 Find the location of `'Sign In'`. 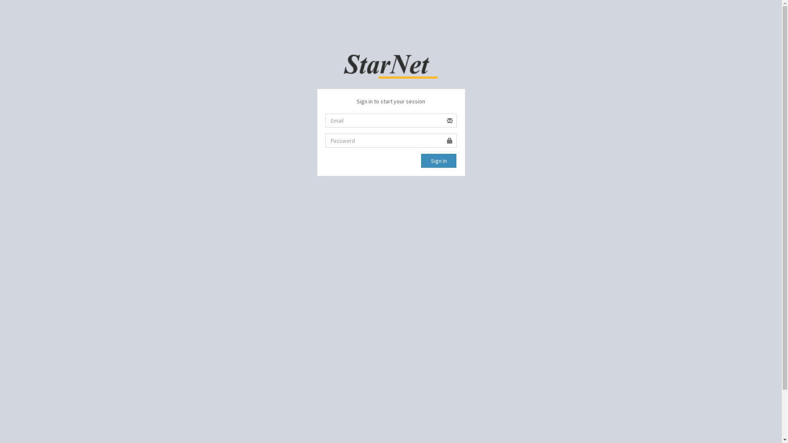

'Sign In' is located at coordinates (438, 161).